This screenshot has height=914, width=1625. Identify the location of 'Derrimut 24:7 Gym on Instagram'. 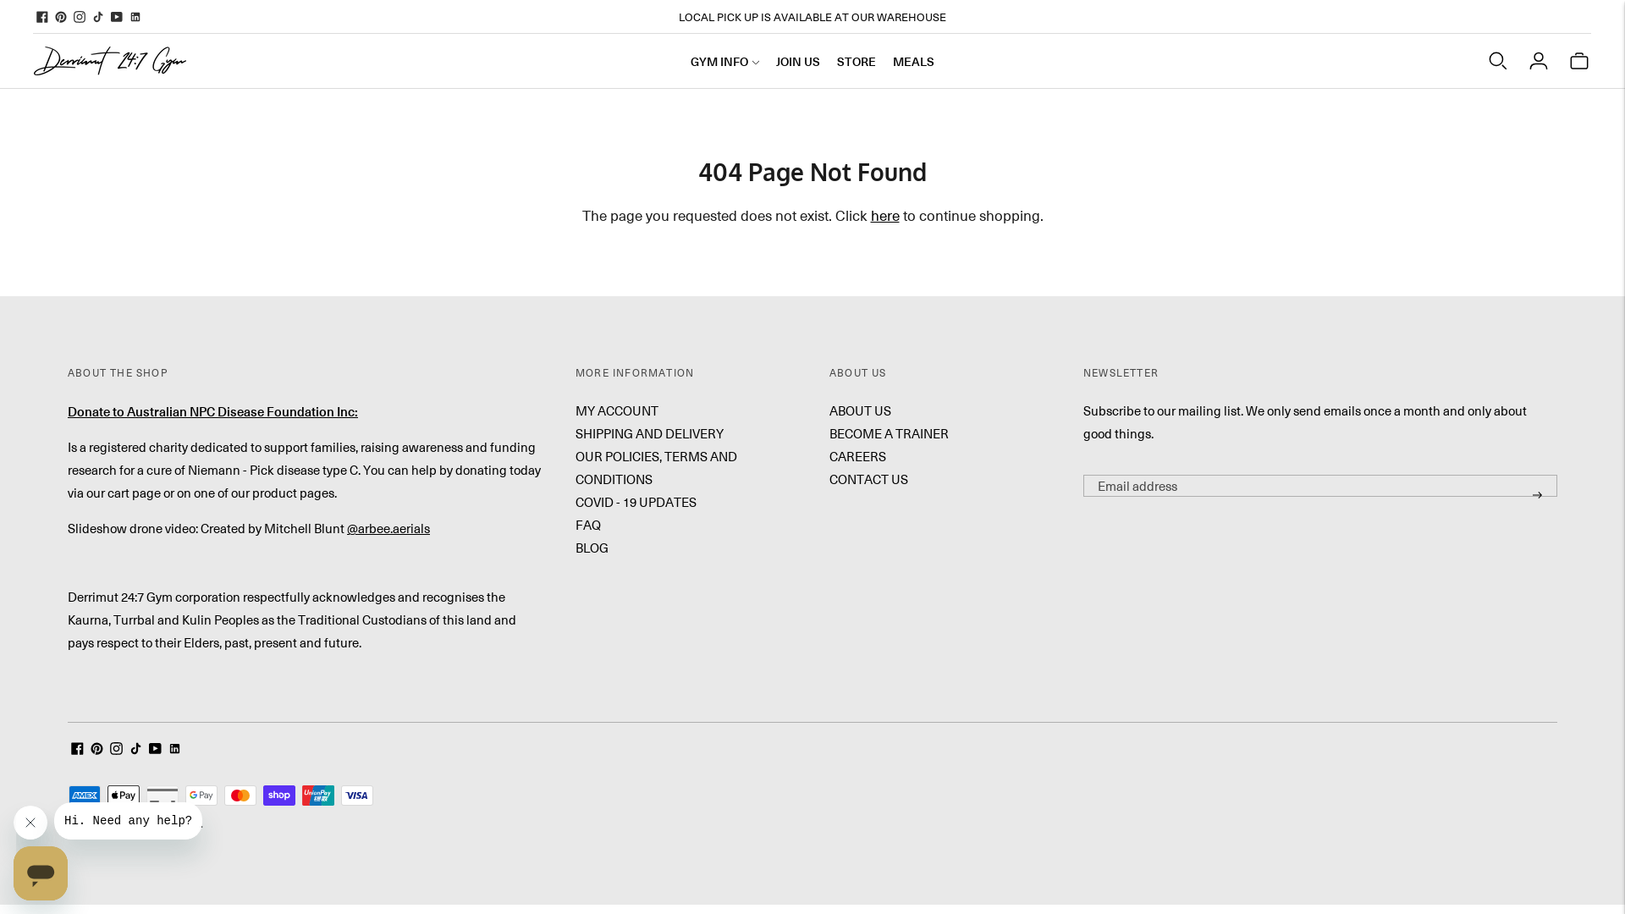
(72, 16).